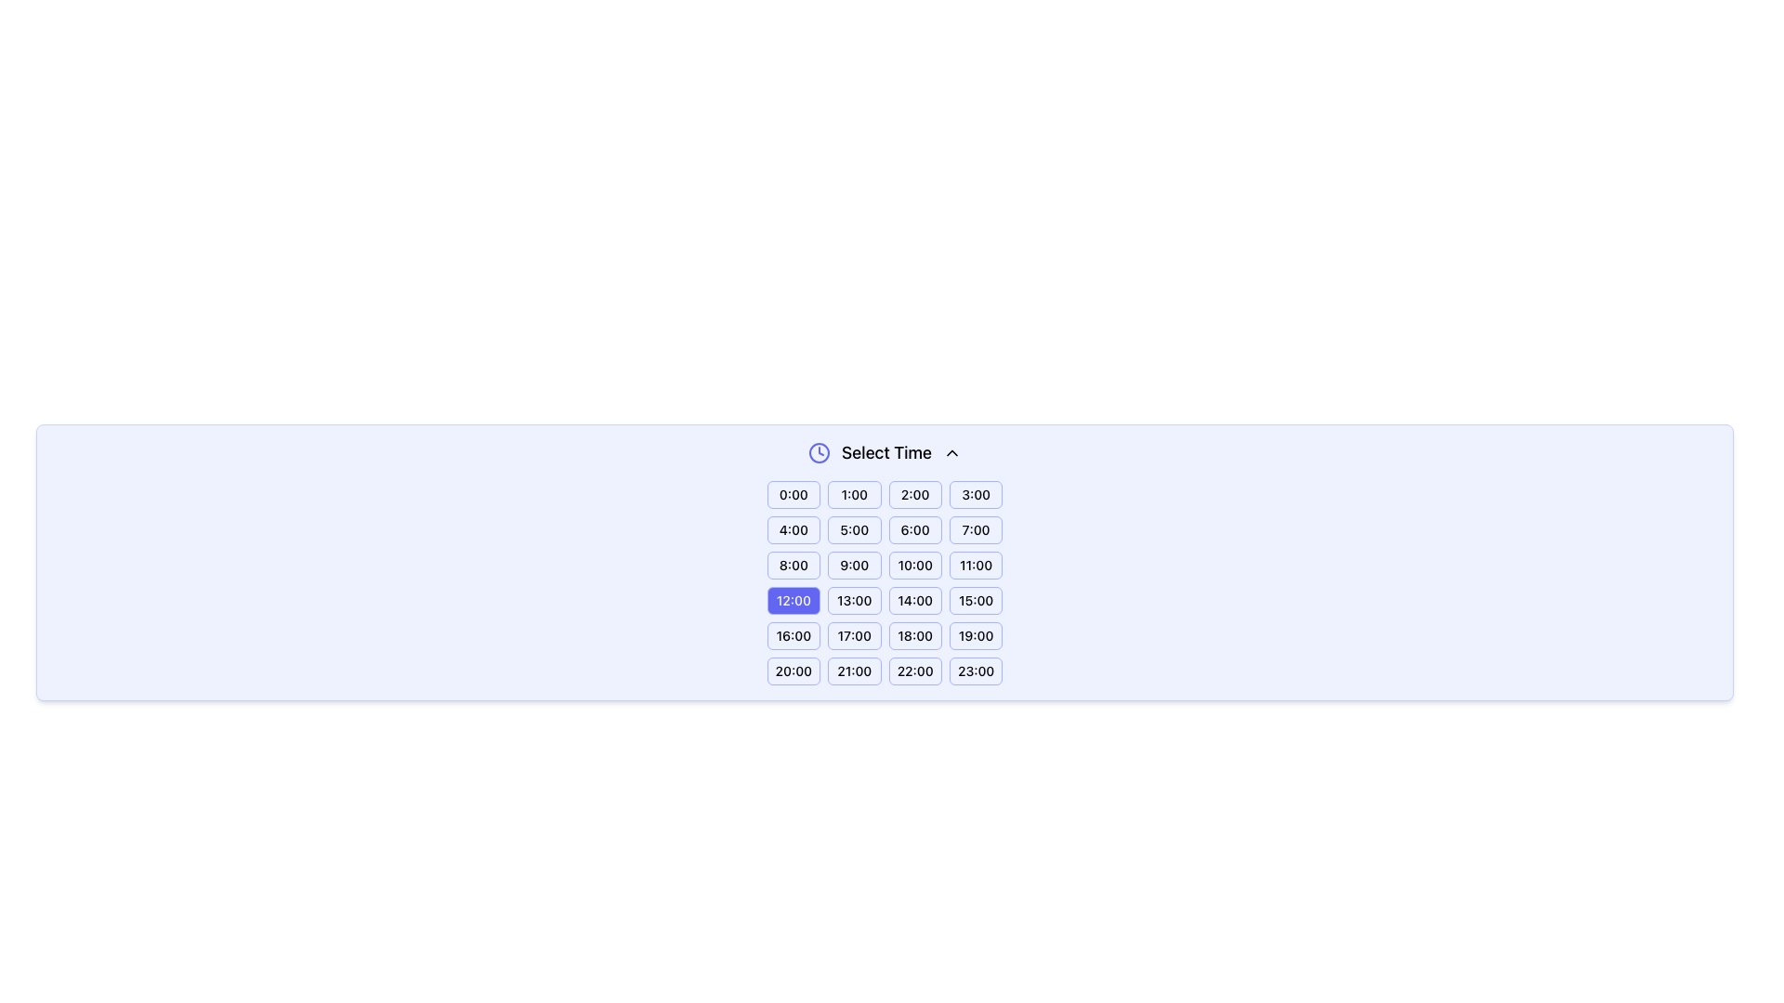 The image size is (1784, 1003). Describe the element at coordinates (853, 635) in the screenshot. I see `the button labeled '17:00' in the time selection grid` at that location.